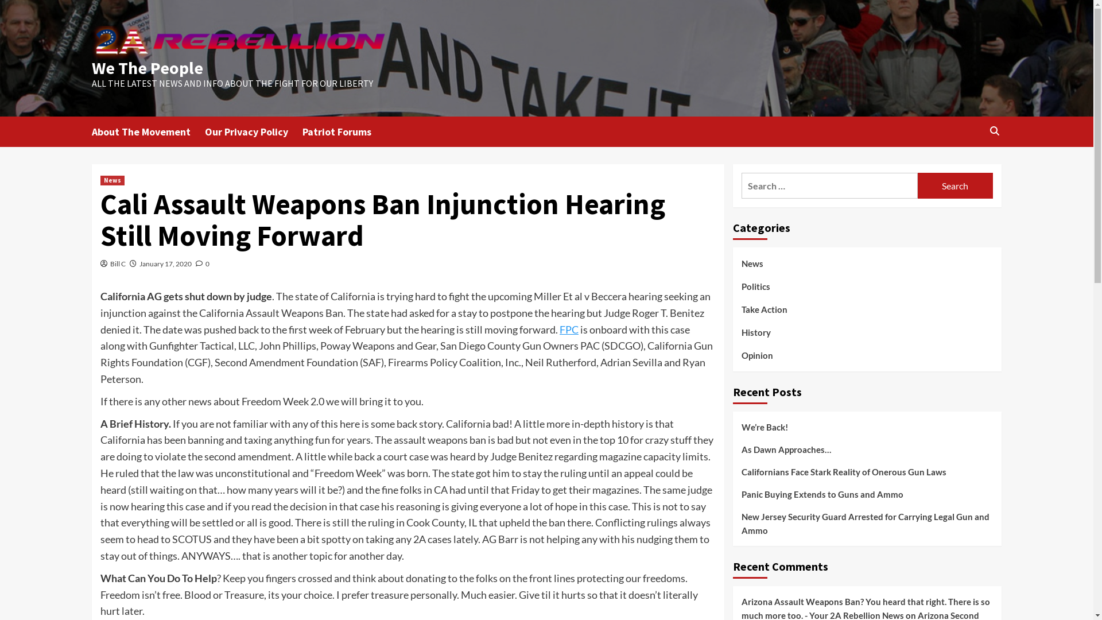  Describe the element at coordinates (253, 131) in the screenshot. I see `'Our Privacy Policy'` at that location.